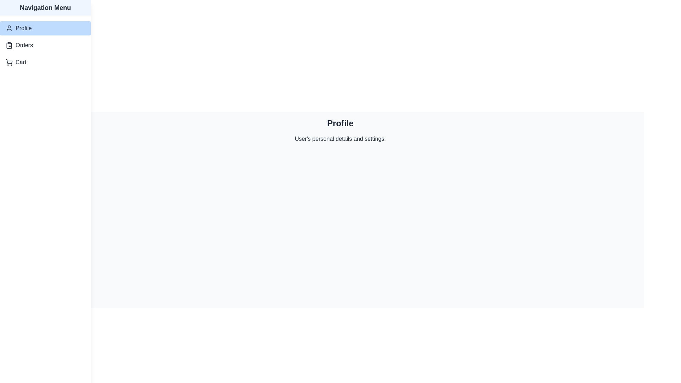 This screenshot has height=383, width=681. What do you see at coordinates (9, 28) in the screenshot?
I see `the user icon element, which is a minimalistic representation with a circular head and curved shoulders, located in the top-left navigation menu and positioned to the left of the 'Profile' text` at bounding box center [9, 28].